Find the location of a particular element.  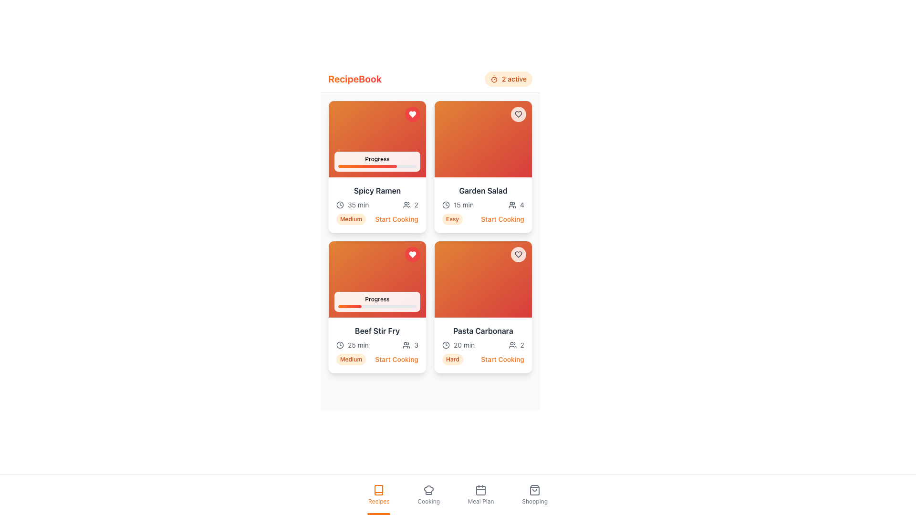

the 'Shopping' button, which features a shopping bag icon above the label 'Shopping', located at the bottom navigation bar as the fourth item is located at coordinates (535, 494).